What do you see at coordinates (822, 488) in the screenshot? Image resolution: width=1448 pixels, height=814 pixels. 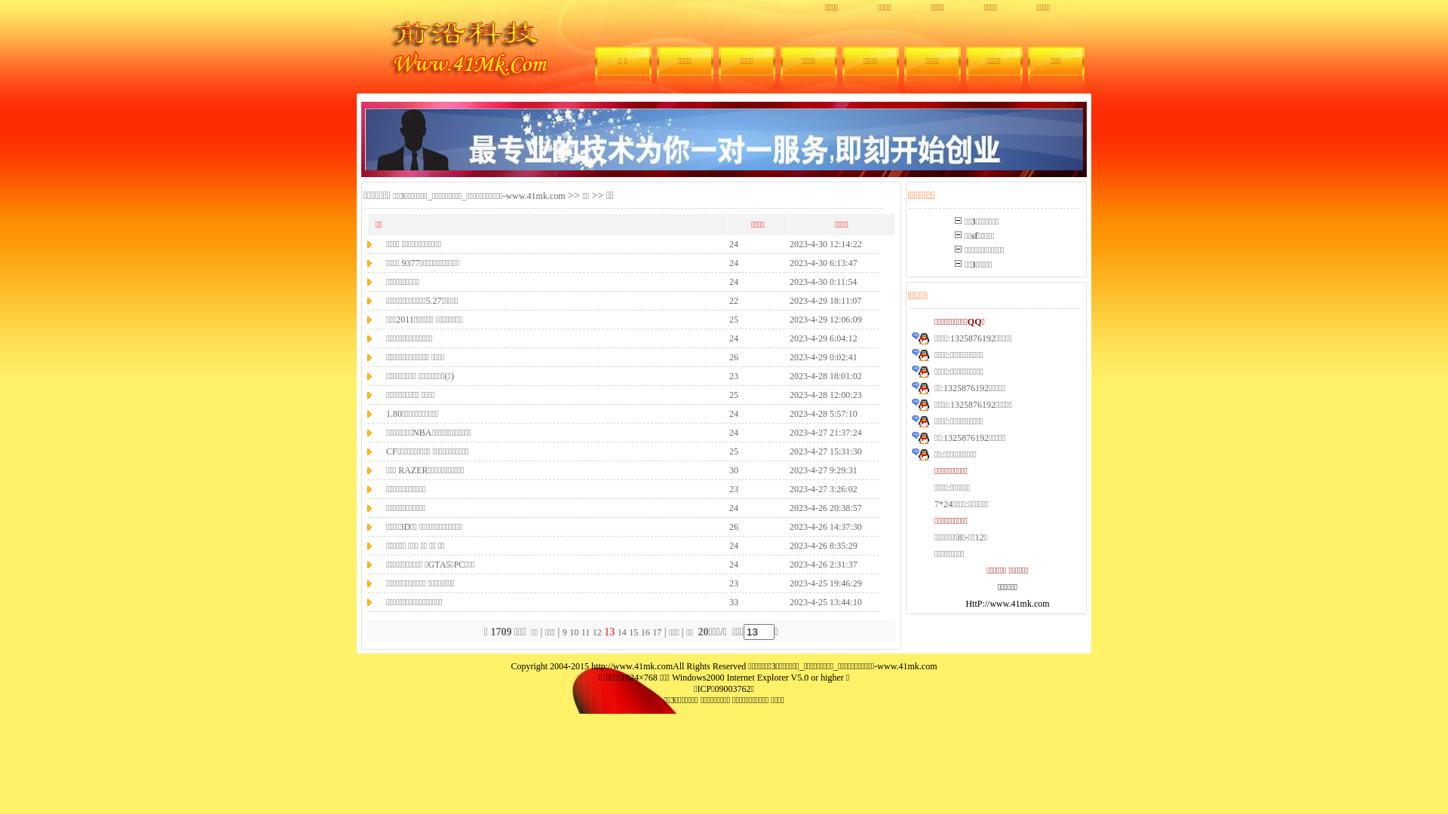 I see `'2023-4-27 3:26:02'` at bounding box center [822, 488].